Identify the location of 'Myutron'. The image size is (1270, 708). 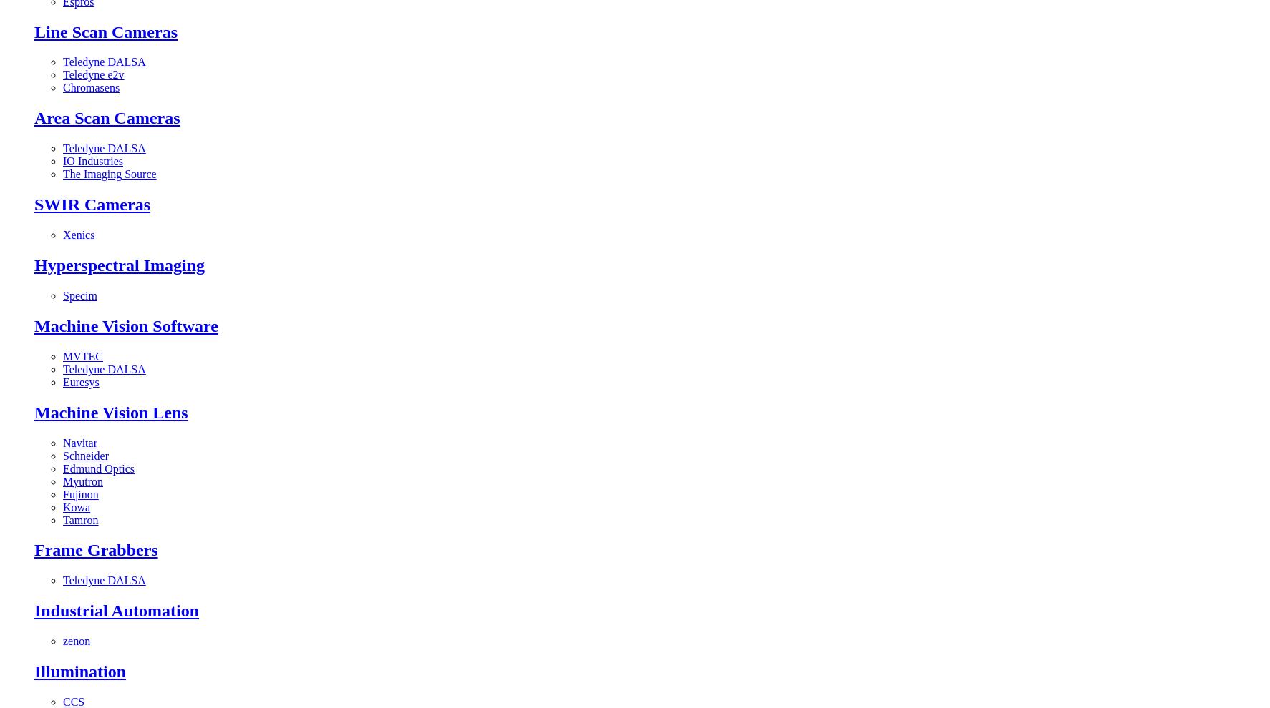
(62, 481).